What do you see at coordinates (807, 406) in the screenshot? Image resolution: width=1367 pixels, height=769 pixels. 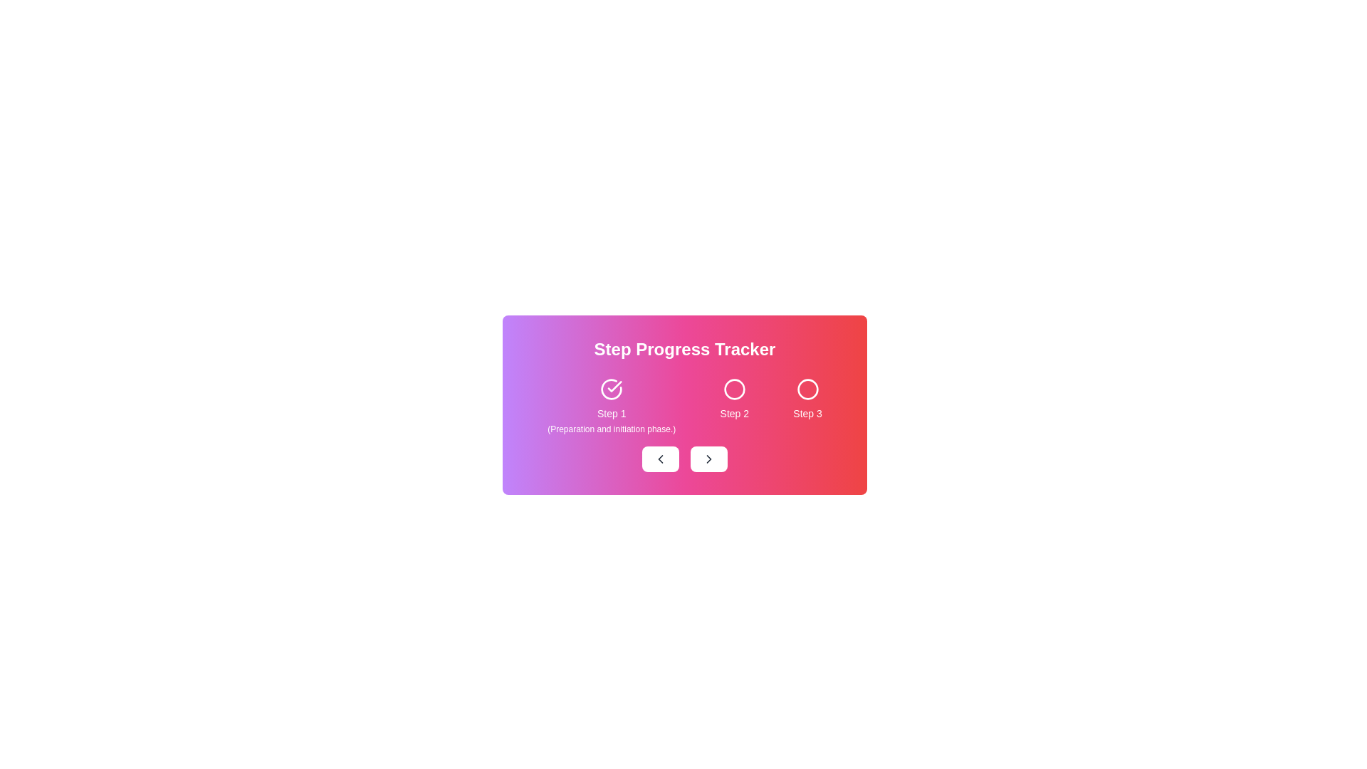 I see `the circular icon labeled 'Step 3' in the progress indicator, which is the third item in the horizontal step tracker` at bounding box center [807, 406].